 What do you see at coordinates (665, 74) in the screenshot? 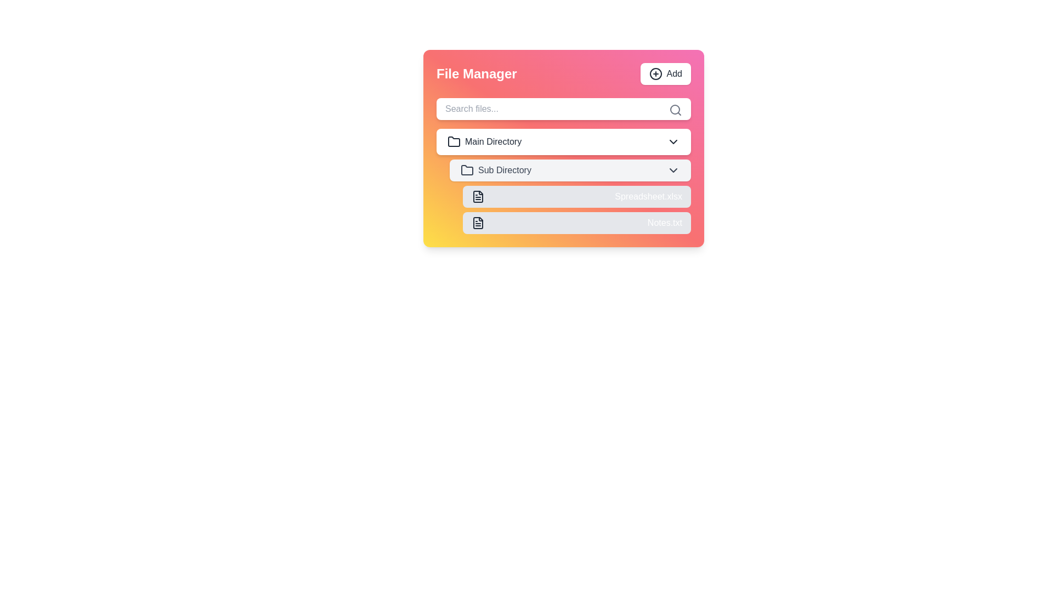
I see `the button in the top-right corner of the 'File Manager' section that triggers an action for adding new items` at bounding box center [665, 74].